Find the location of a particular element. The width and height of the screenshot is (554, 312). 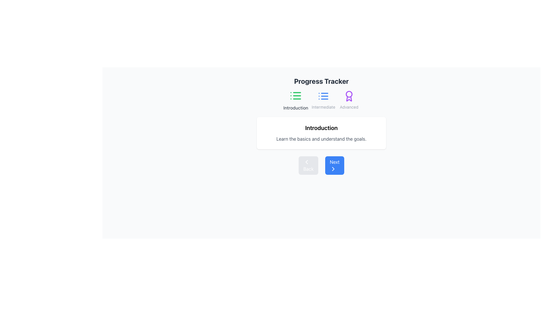

the selectable progress tracker step labeled 'Intermediate', which features a blue icon resembling a list structure above the light gray text is located at coordinates (323, 100).